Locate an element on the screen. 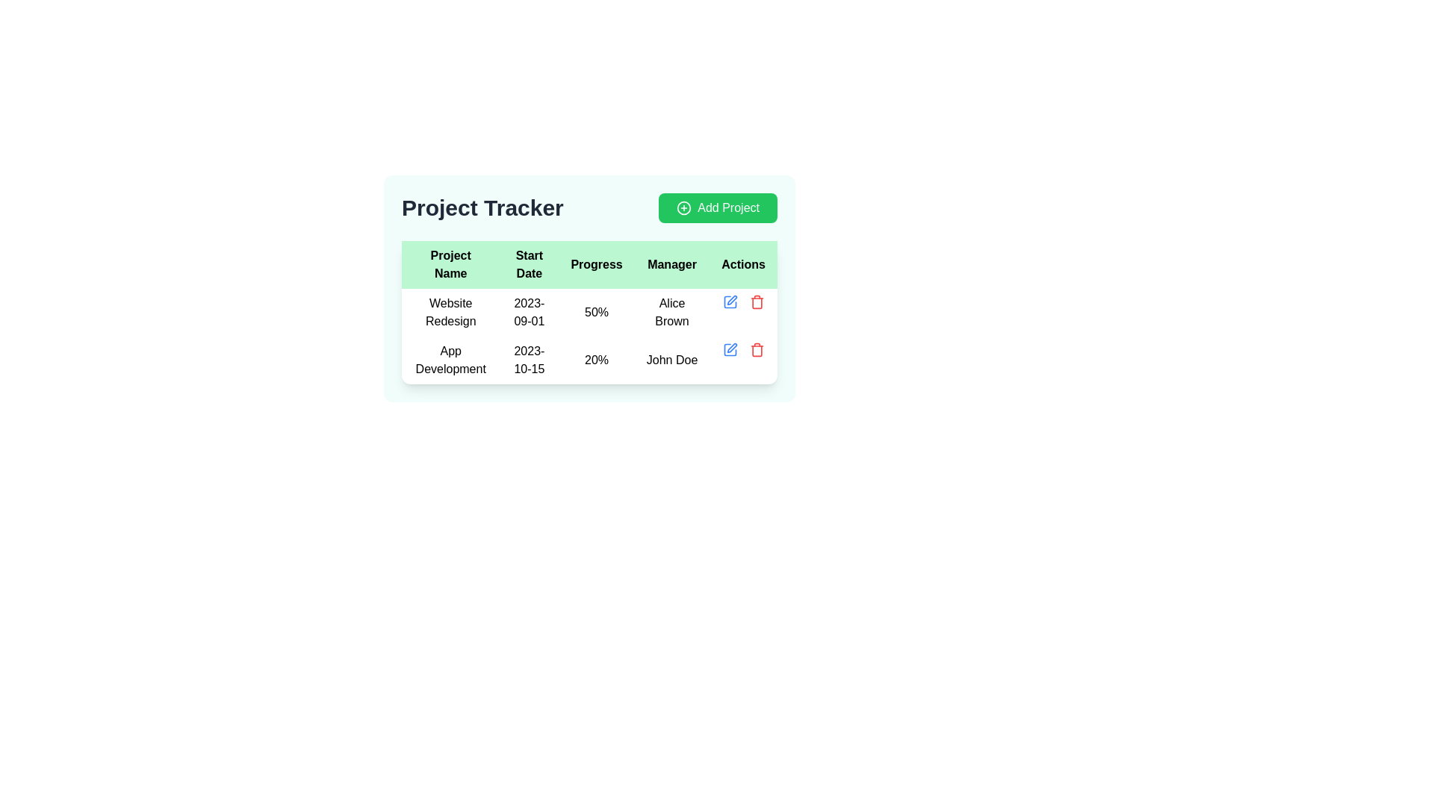 The image size is (1434, 806). the 'Website Redesign' text label located in the 'Project Name' column of the first row in the table is located at coordinates (450, 312).